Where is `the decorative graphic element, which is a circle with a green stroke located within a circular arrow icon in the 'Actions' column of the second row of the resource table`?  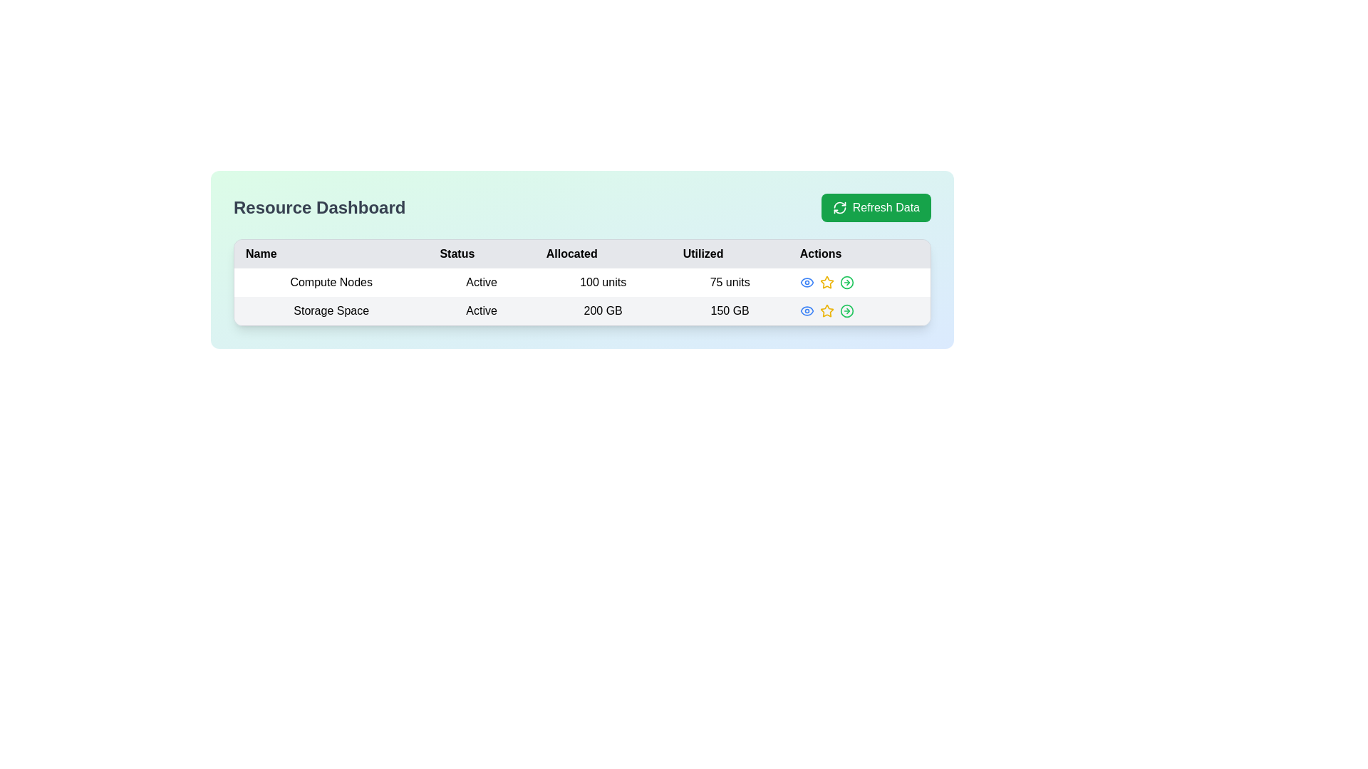
the decorative graphic element, which is a circle with a green stroke located within a circular arrow icon in the 'Actions' column of the second row of the resource table is located at coordinates (846, 310).